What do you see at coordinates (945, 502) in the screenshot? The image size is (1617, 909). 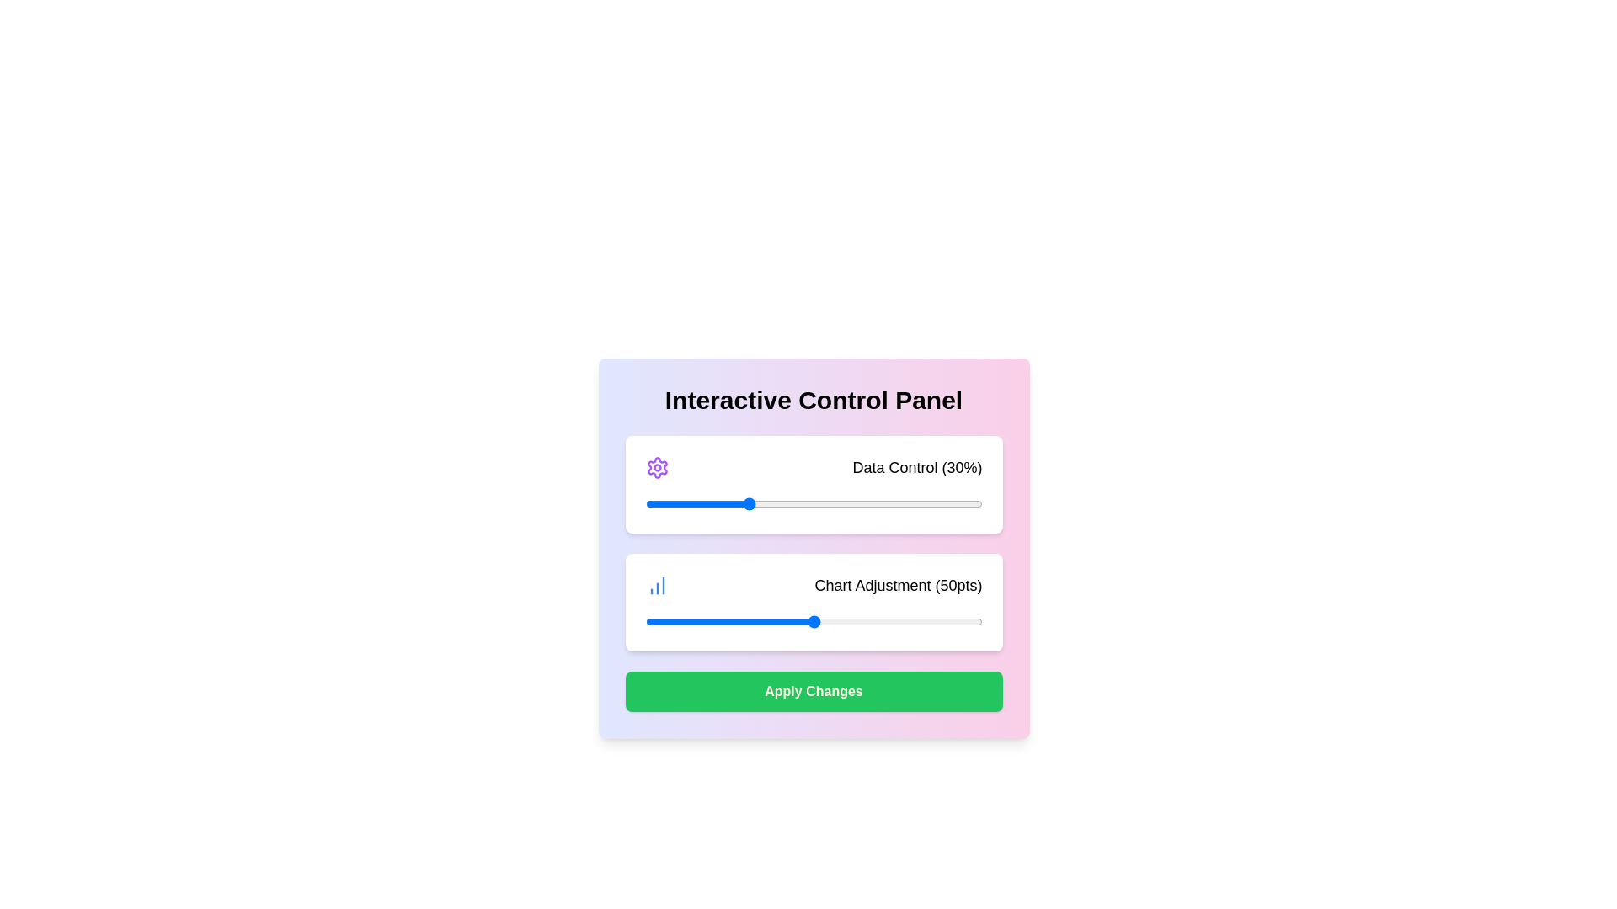 I see `the 'Data Control' slider to 89%` at bounding box center [945, 502].